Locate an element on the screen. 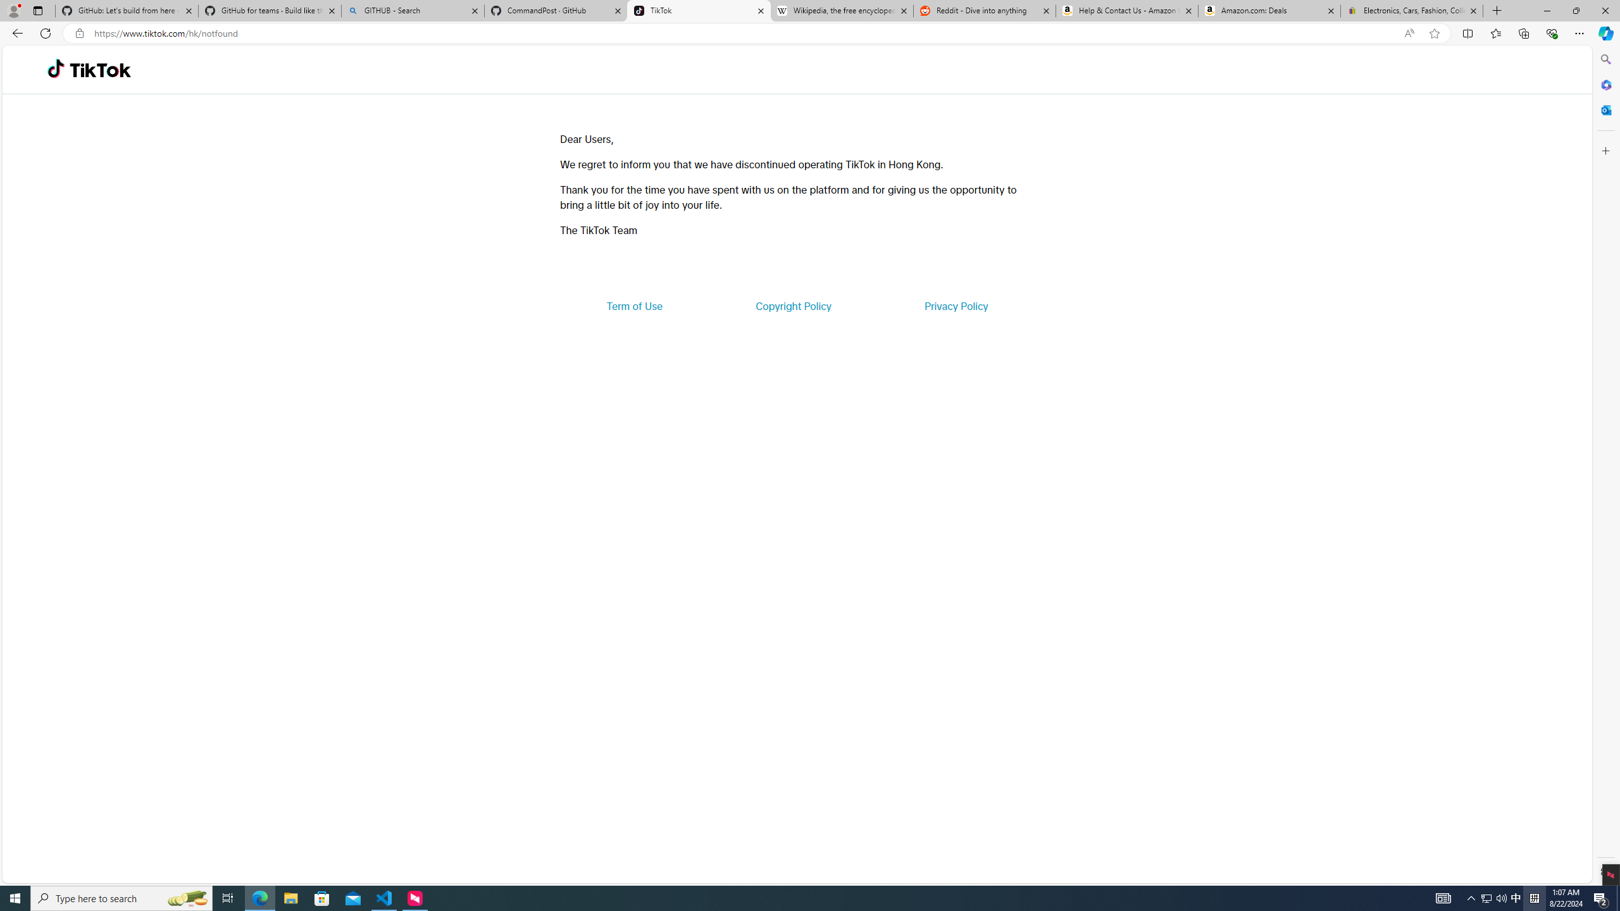  'Privacy Policy' is located at coordinates (955, 305).